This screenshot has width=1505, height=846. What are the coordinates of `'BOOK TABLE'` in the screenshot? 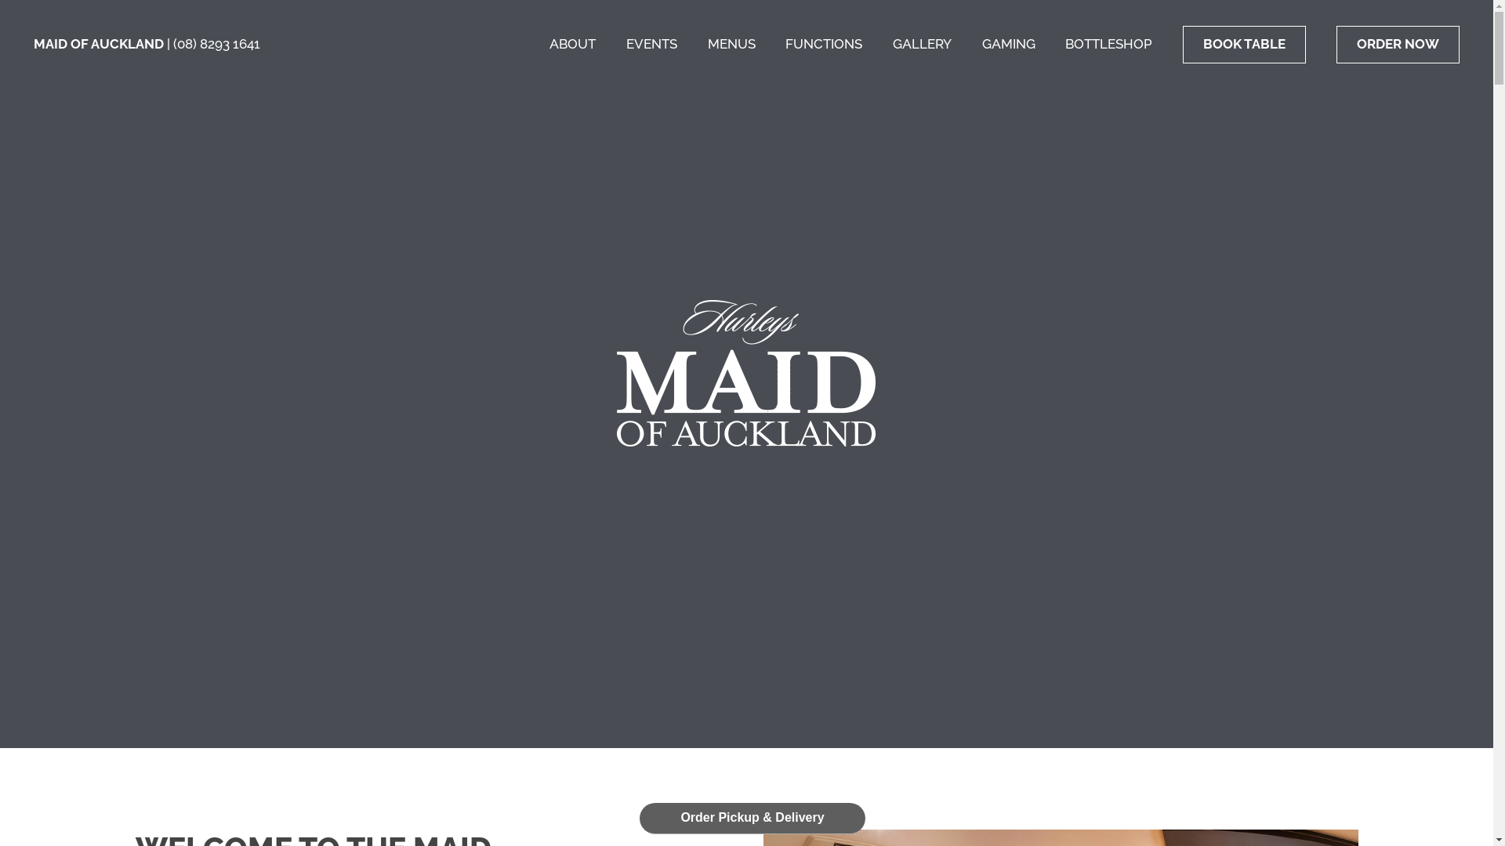 It's located at (1243, 44).